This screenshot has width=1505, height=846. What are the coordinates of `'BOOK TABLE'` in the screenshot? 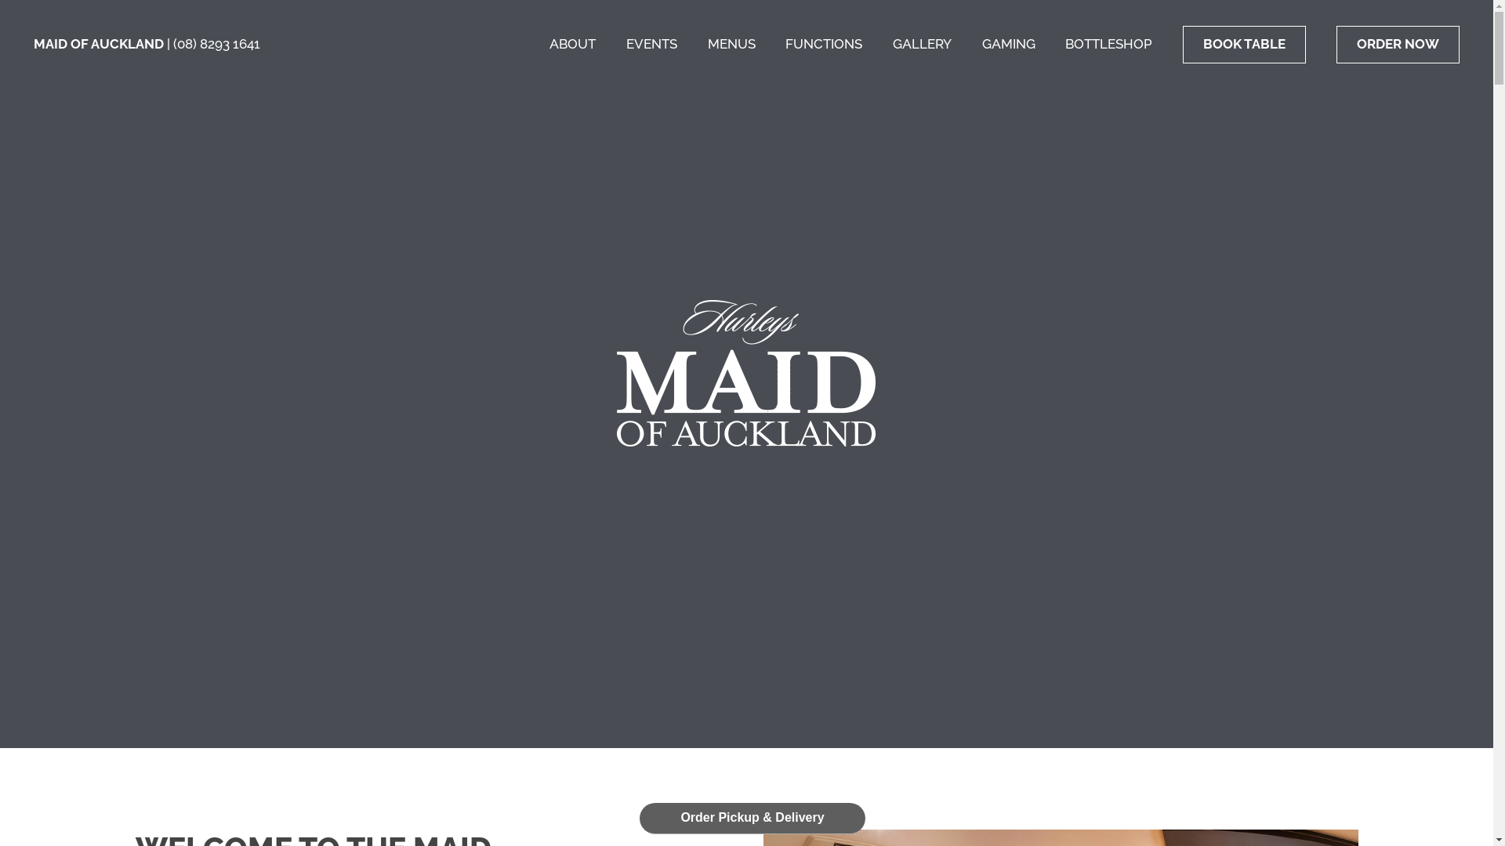 It's located at (1243, 44).